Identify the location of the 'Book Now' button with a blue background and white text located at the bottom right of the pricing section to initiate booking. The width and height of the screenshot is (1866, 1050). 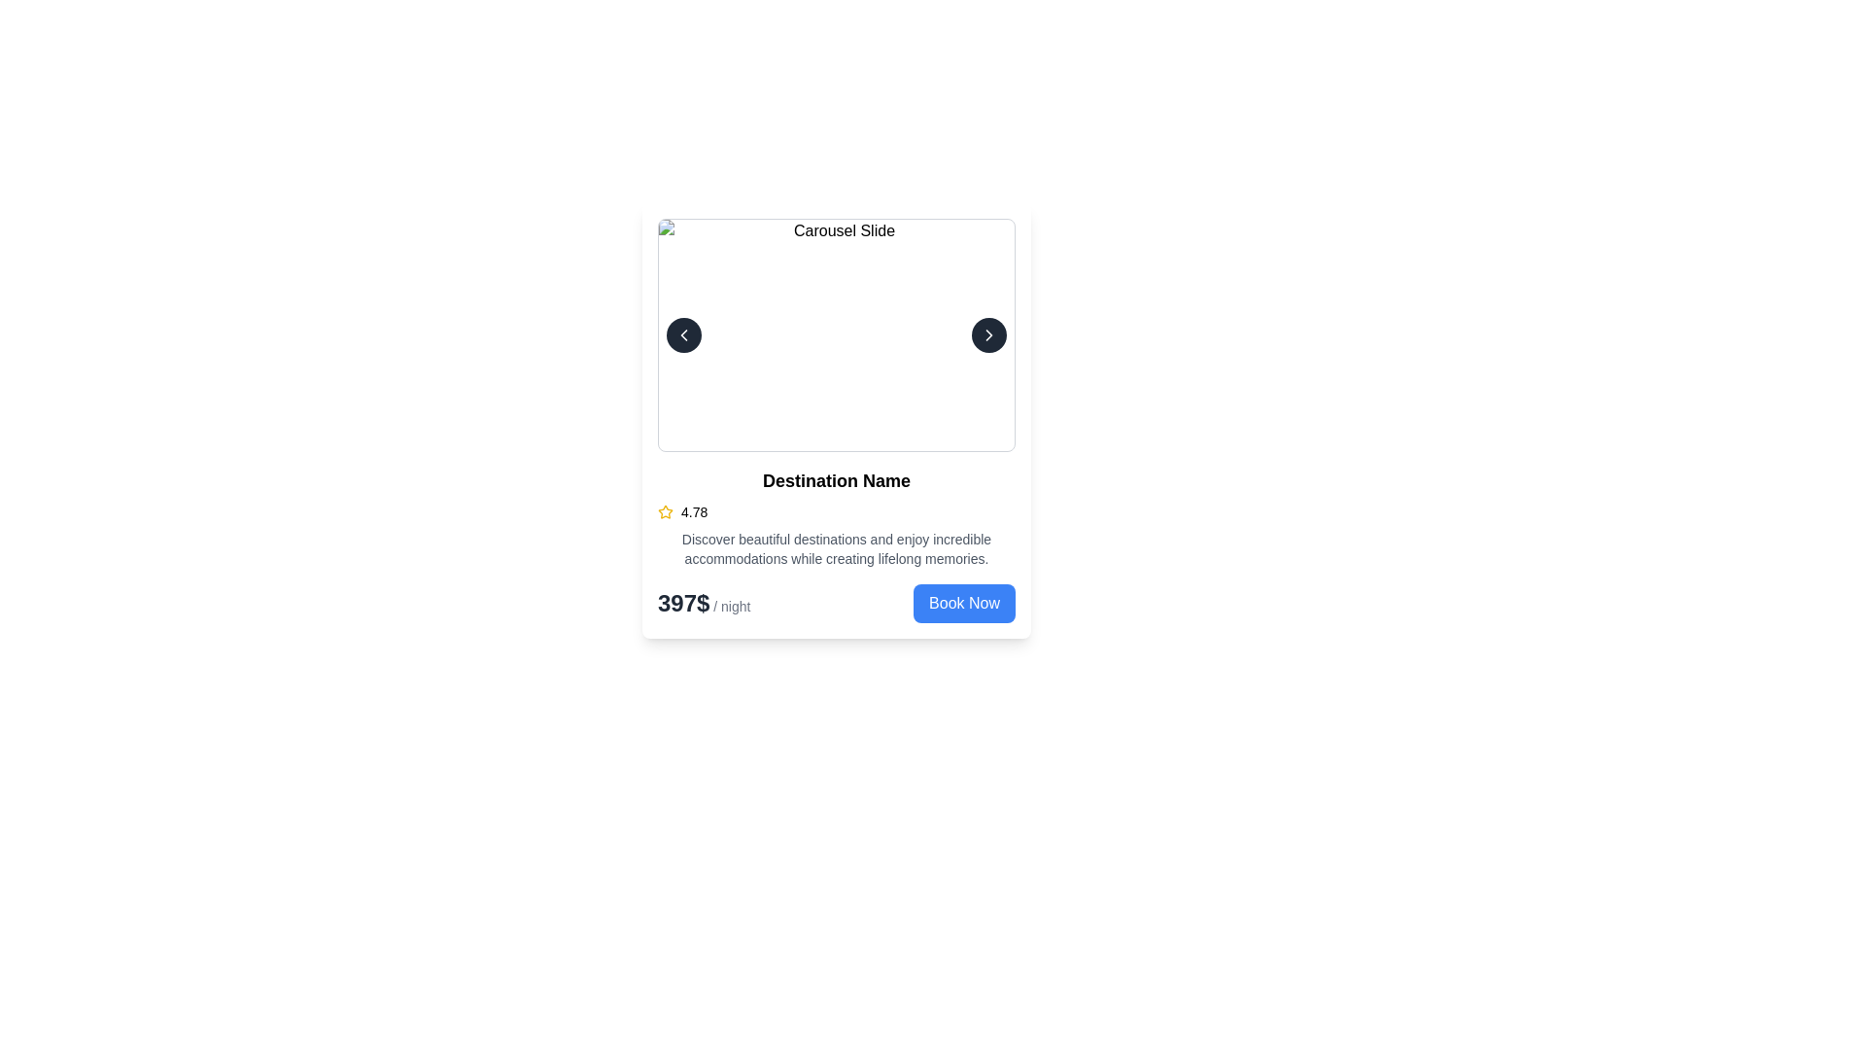
(964, 603).